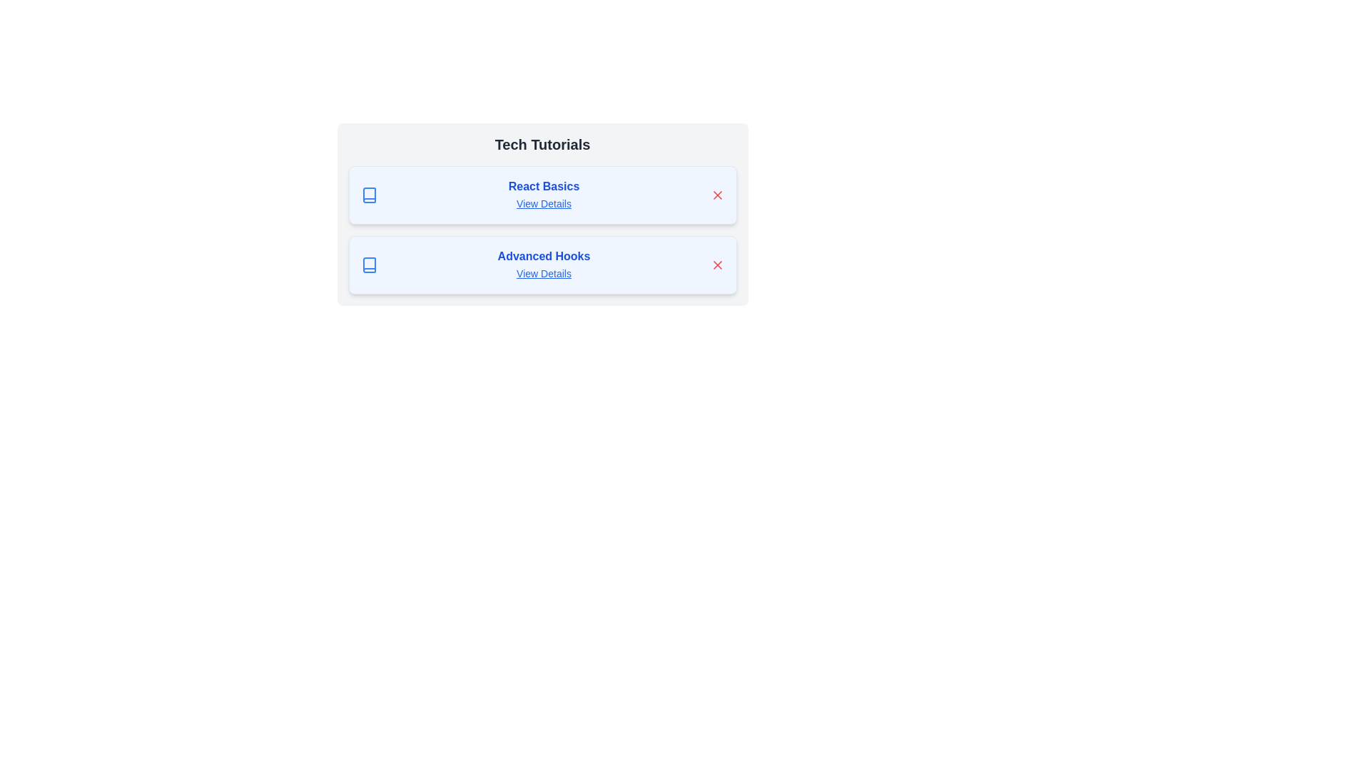 The height and width of the screenshot is (770, 1370). I want to click on the 'View Details' button for the chip labeled 'Advanced Hooks', so click(543, 274).